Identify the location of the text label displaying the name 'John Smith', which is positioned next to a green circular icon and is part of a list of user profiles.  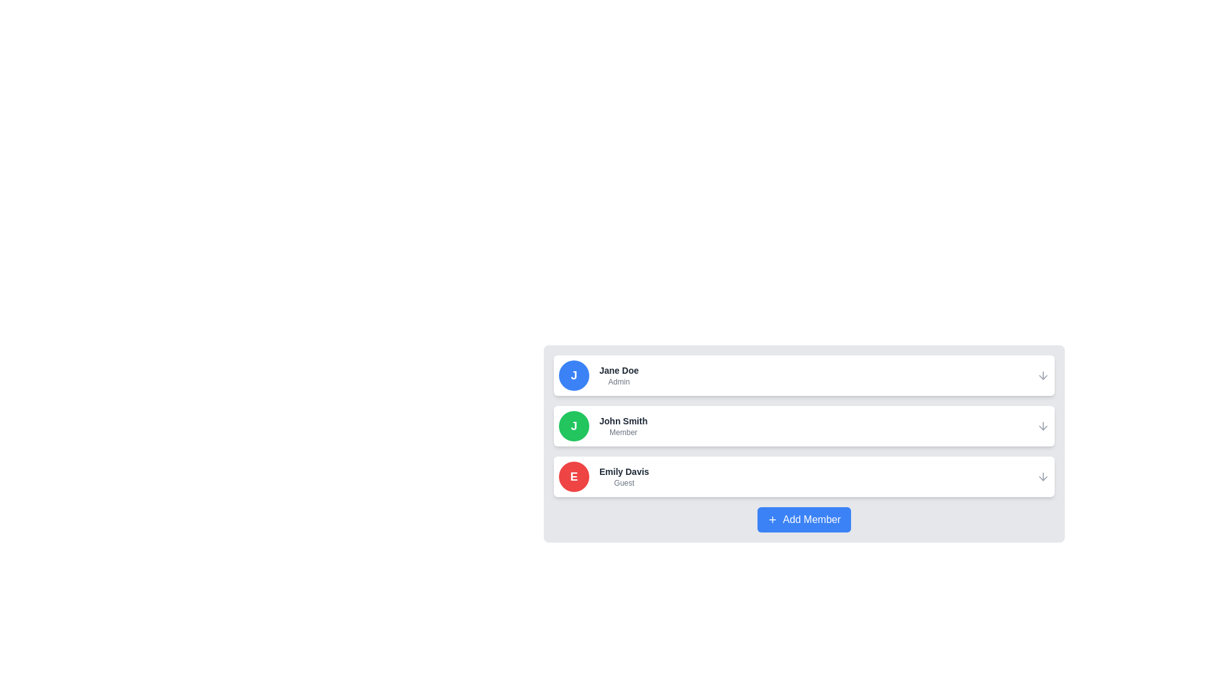
(623, 421).